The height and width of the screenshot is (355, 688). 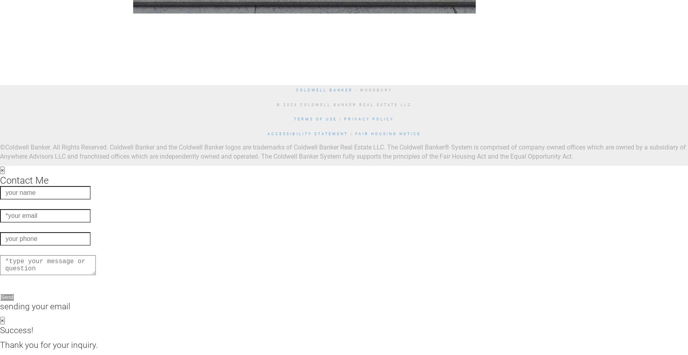 What do you see at coordinates (35, 306) in the screenshot?
I see `'sending your email'` at bounding box center [35, 306].